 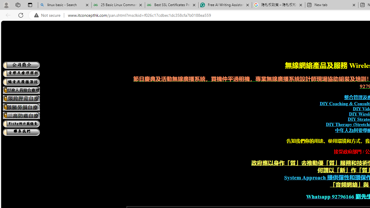 What do you see at coordinates (225, 5) in the screenshot?
I see `'Free AI Writing Assistance for Students | Grammarly'` at bounding box center [225, 5].